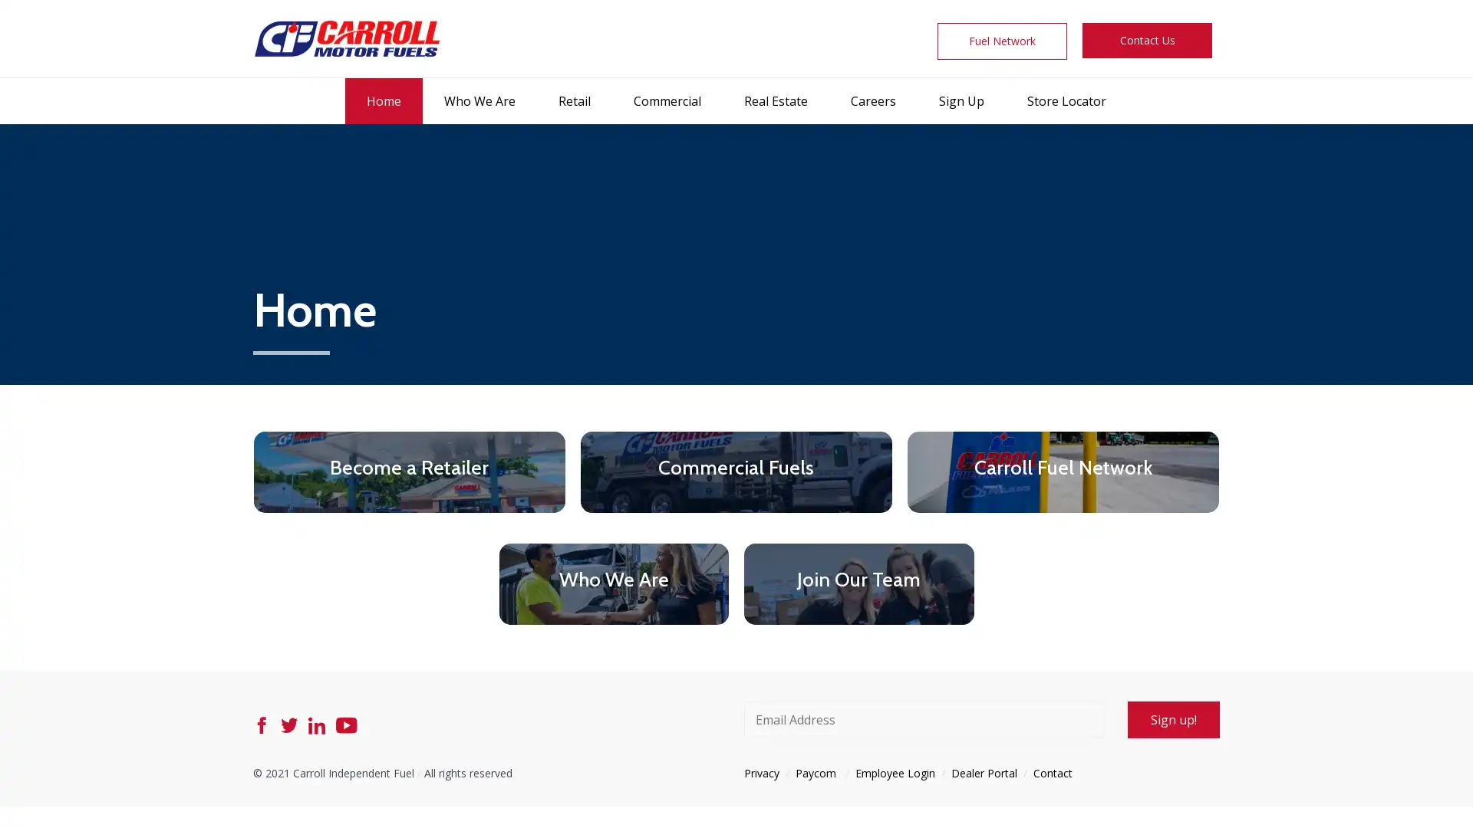 This screenshot has height=828, width=1473. What do you see at coordinates (1173, 718) in the screenshot?
I see `Sign up!` at bounding box center [1173, 718].